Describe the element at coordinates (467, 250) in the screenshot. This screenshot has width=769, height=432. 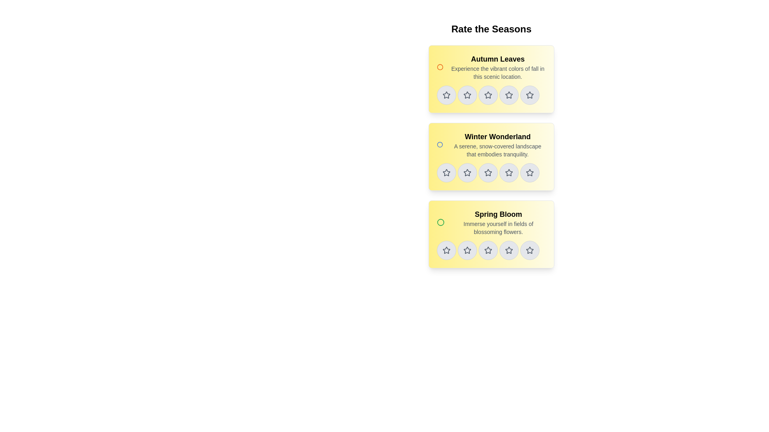
I see `the second star rating button for the 'Spring Bloom' entry` at that location.